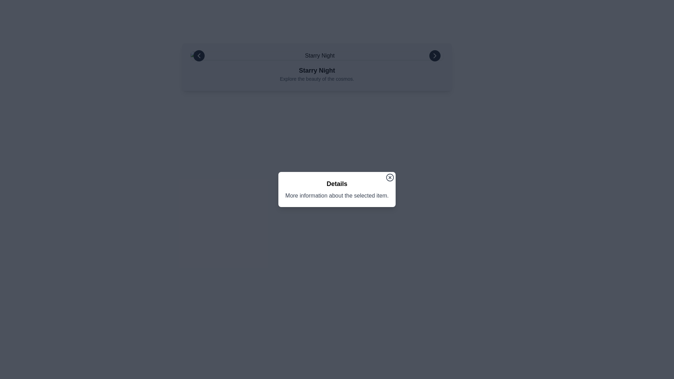 The width and height of the screenshot is (674, 379). Describe the element at coordinates (316, 79) in the screenshot. I see `the text label displaying 'Explore the beauty of the cosmos.' which is positioned below the title 'Starry Night'` at that location.